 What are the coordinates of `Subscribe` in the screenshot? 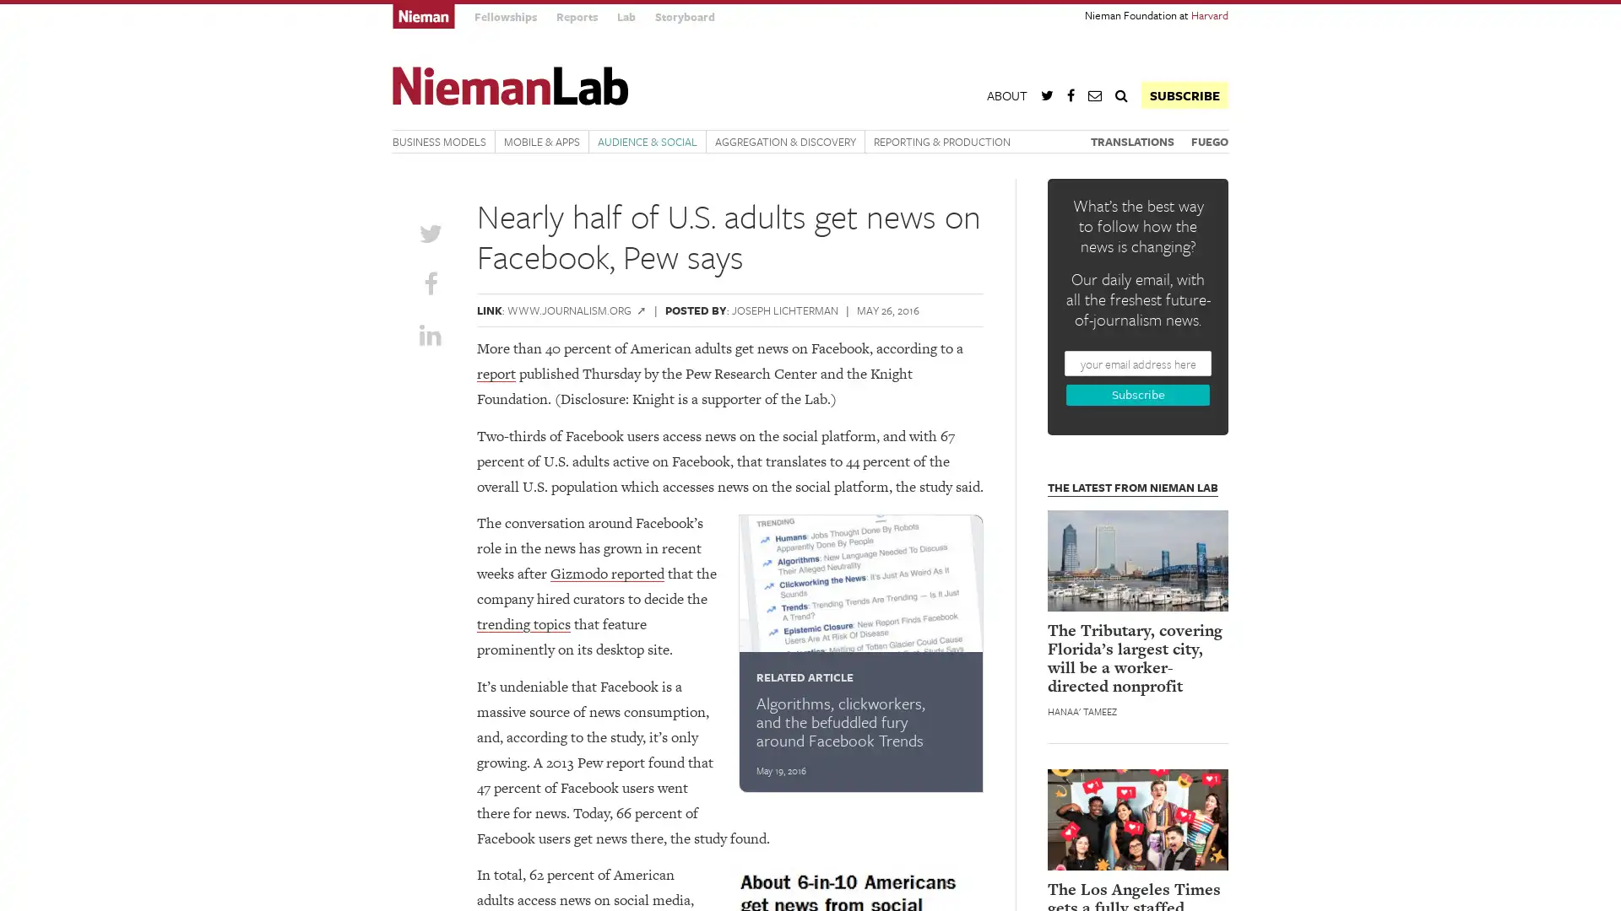 It's located at (1138, 395).